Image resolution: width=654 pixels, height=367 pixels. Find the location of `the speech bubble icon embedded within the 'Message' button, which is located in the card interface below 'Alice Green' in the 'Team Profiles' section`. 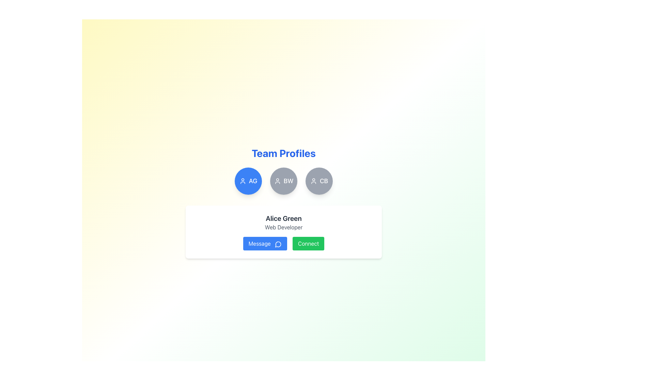

the speech bubble icon embedded within the 'Message' button, which is located in the card interface below 'Alice Green' in the 'Team Profiles' section is located at coordinates (278, 244).